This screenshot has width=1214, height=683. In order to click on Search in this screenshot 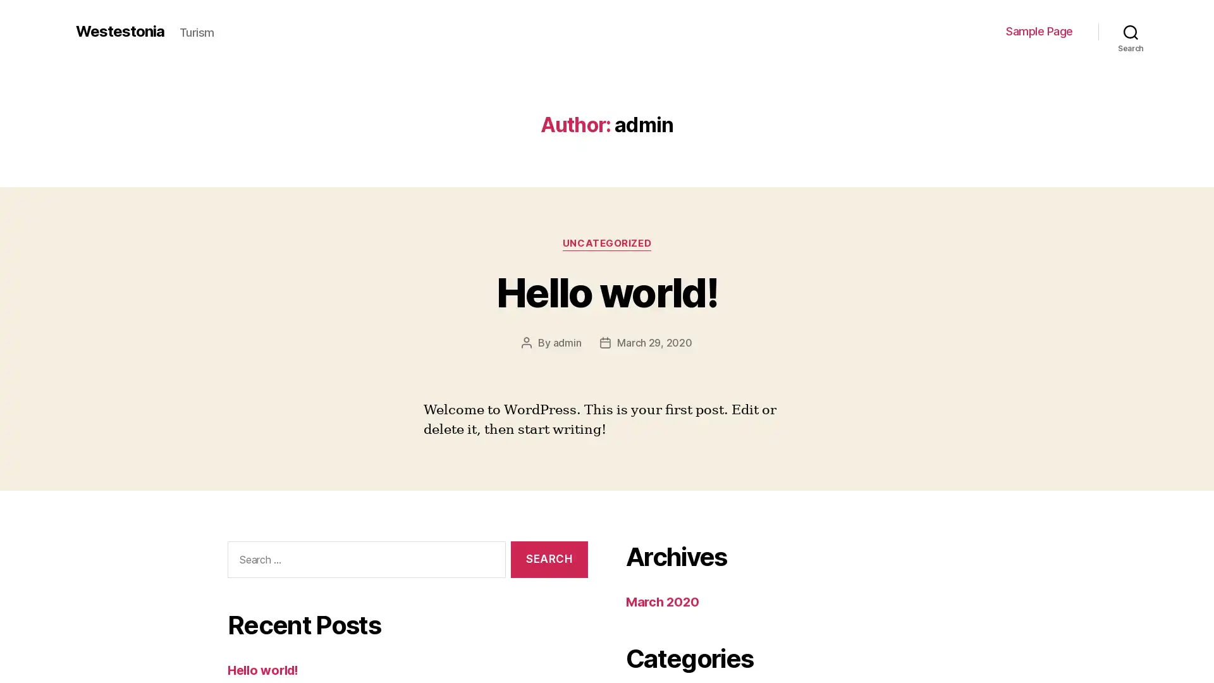, I will do `click(549, 558)`.